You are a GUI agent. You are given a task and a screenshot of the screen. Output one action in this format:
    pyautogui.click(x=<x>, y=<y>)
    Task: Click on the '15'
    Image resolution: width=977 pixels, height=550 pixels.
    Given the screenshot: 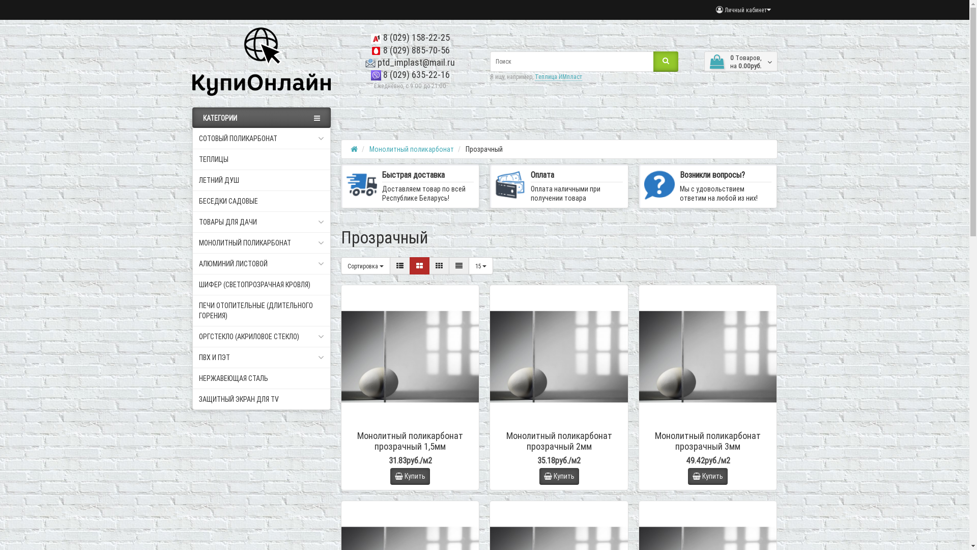 What is the action you would take?
    pyautogui.click(x=468, y=265)
    